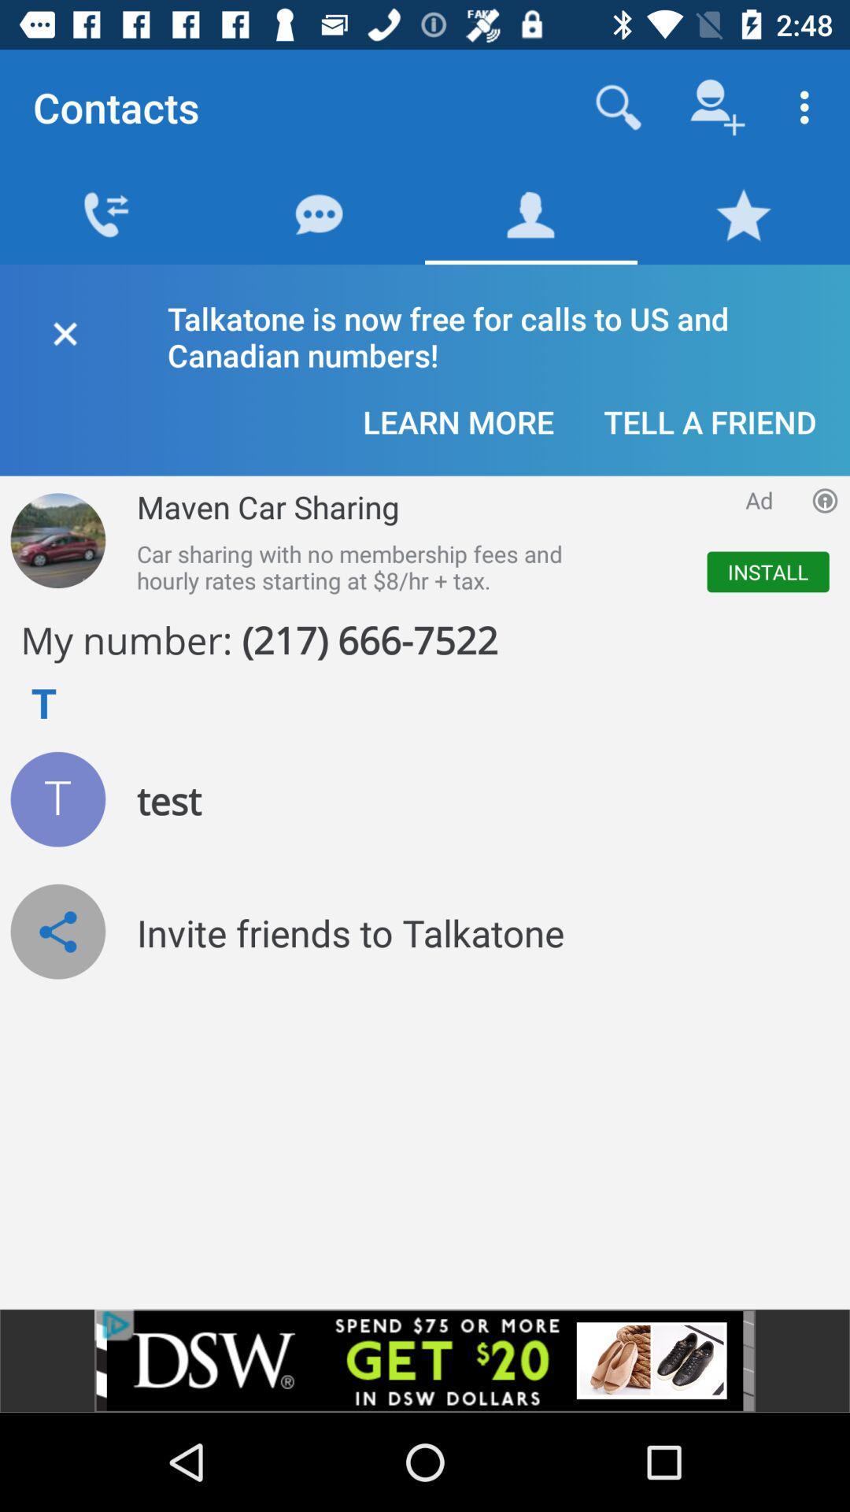 The height and width of the screenshot is (1512, 850). What do you see at coordinates (618, 106) in the screenshot?
I see `search numbers` at bounding box center [618, 106].